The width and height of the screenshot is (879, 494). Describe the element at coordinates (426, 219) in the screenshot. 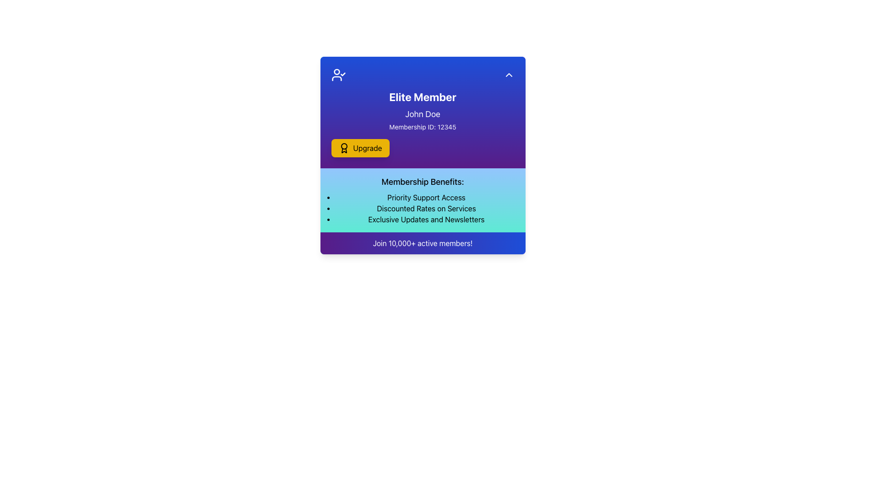

I see `the third text label in the 'Membership Benefits' section that informs users about receiving exclusive updates and newsletters` at that location.